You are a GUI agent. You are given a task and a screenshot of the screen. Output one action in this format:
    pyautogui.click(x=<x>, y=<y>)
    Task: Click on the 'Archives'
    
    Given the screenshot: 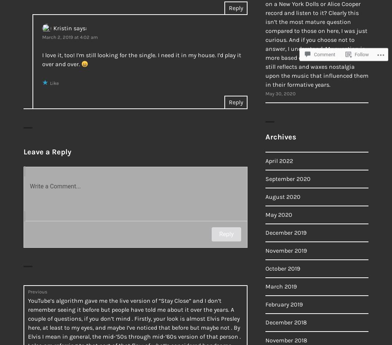 What is the action you would take?
    pyautogui.click(x=265, y=137)
    